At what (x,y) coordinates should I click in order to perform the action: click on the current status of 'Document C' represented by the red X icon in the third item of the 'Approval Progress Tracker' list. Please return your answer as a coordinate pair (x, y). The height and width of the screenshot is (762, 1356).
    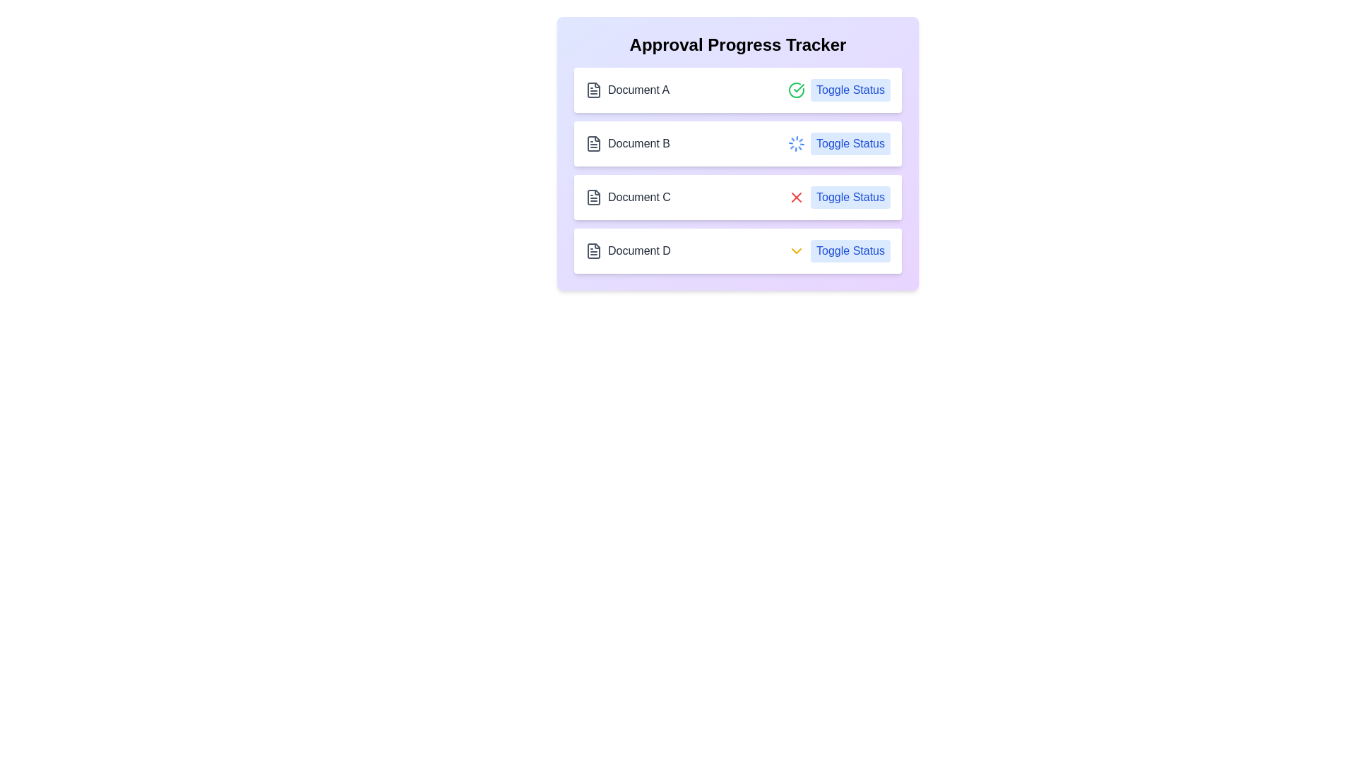
    Looking at the image, I should click on (737, 198).